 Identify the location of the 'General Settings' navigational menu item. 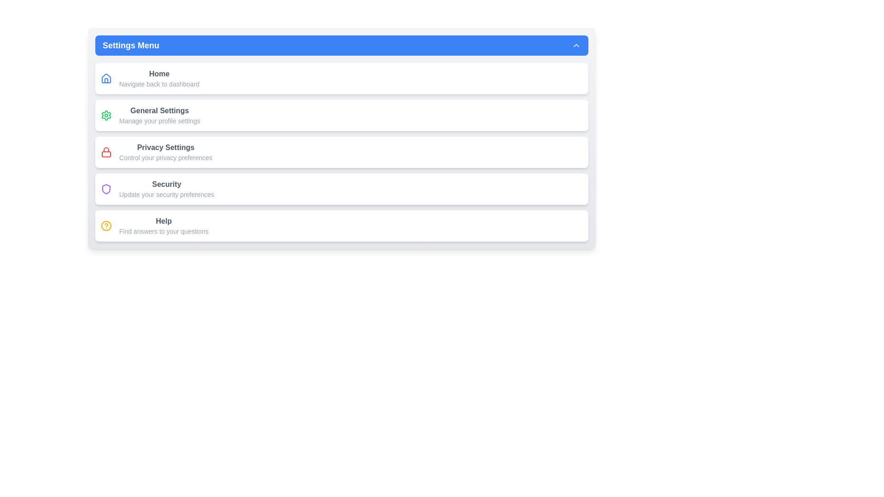
(159, 115).